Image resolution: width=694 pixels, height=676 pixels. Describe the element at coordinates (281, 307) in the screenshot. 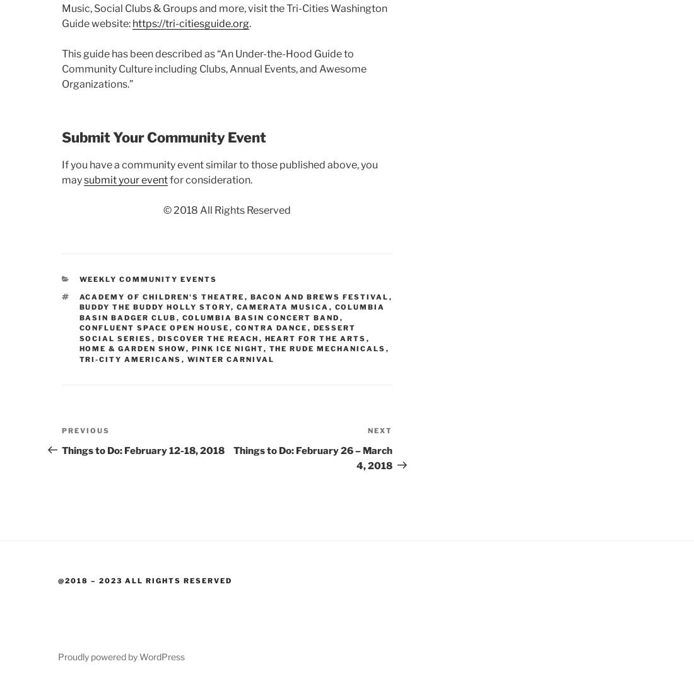

I see `'Camerata Musica'` at that location.